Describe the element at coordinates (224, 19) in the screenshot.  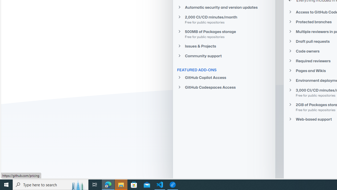
I see `'2,000 CI/CD minutes/month Free for public repositories'` at that location.